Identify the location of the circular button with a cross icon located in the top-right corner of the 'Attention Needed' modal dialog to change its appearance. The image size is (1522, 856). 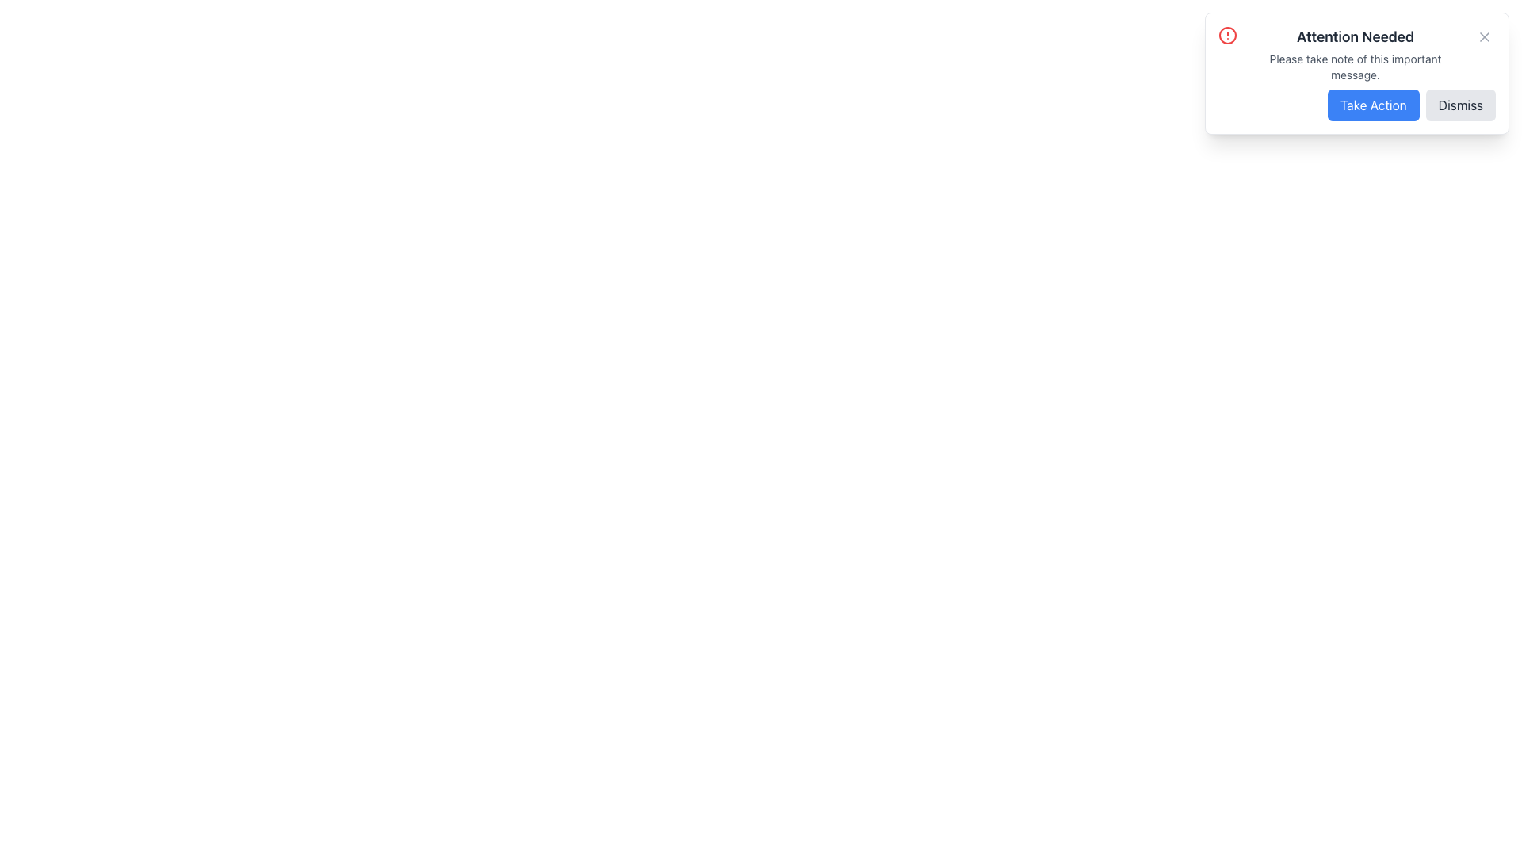
(1483, 36).